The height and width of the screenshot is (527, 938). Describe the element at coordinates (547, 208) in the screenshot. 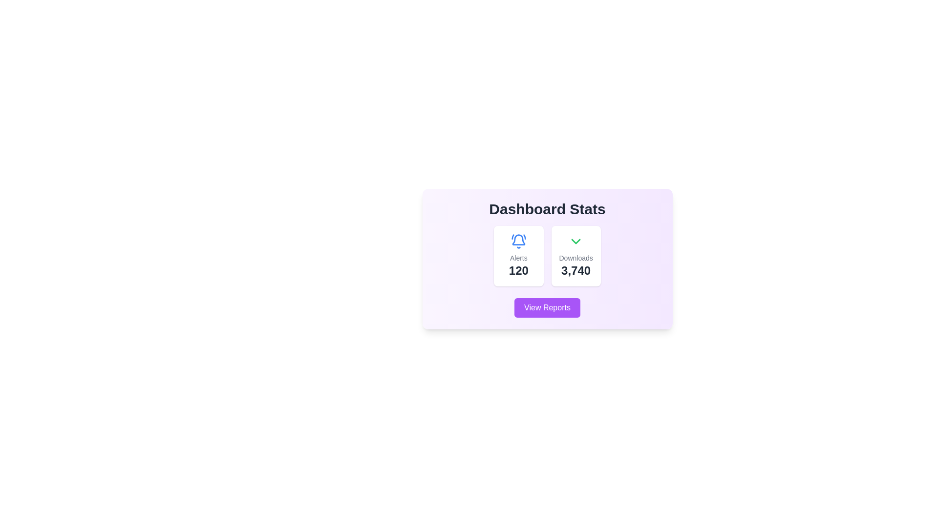

I see `the title text label at the top of the dashboard card, which summarizes the information displayed within the card` at that location.